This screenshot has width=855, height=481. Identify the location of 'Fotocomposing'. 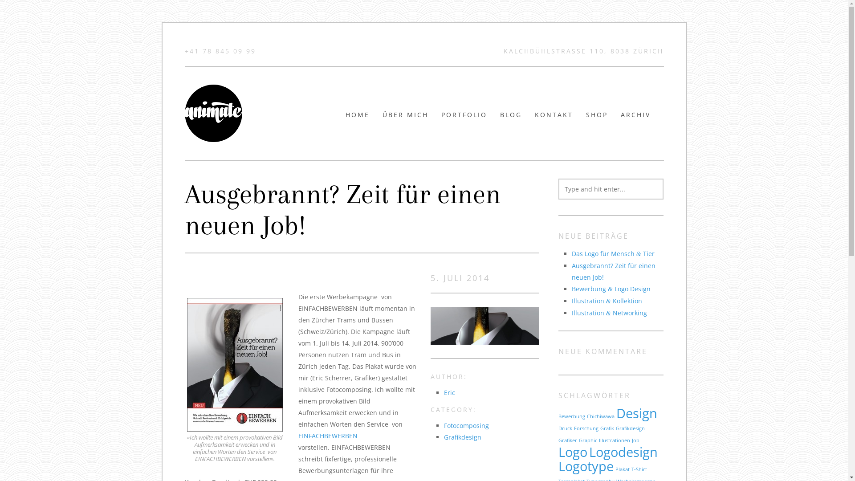
(444, 425).